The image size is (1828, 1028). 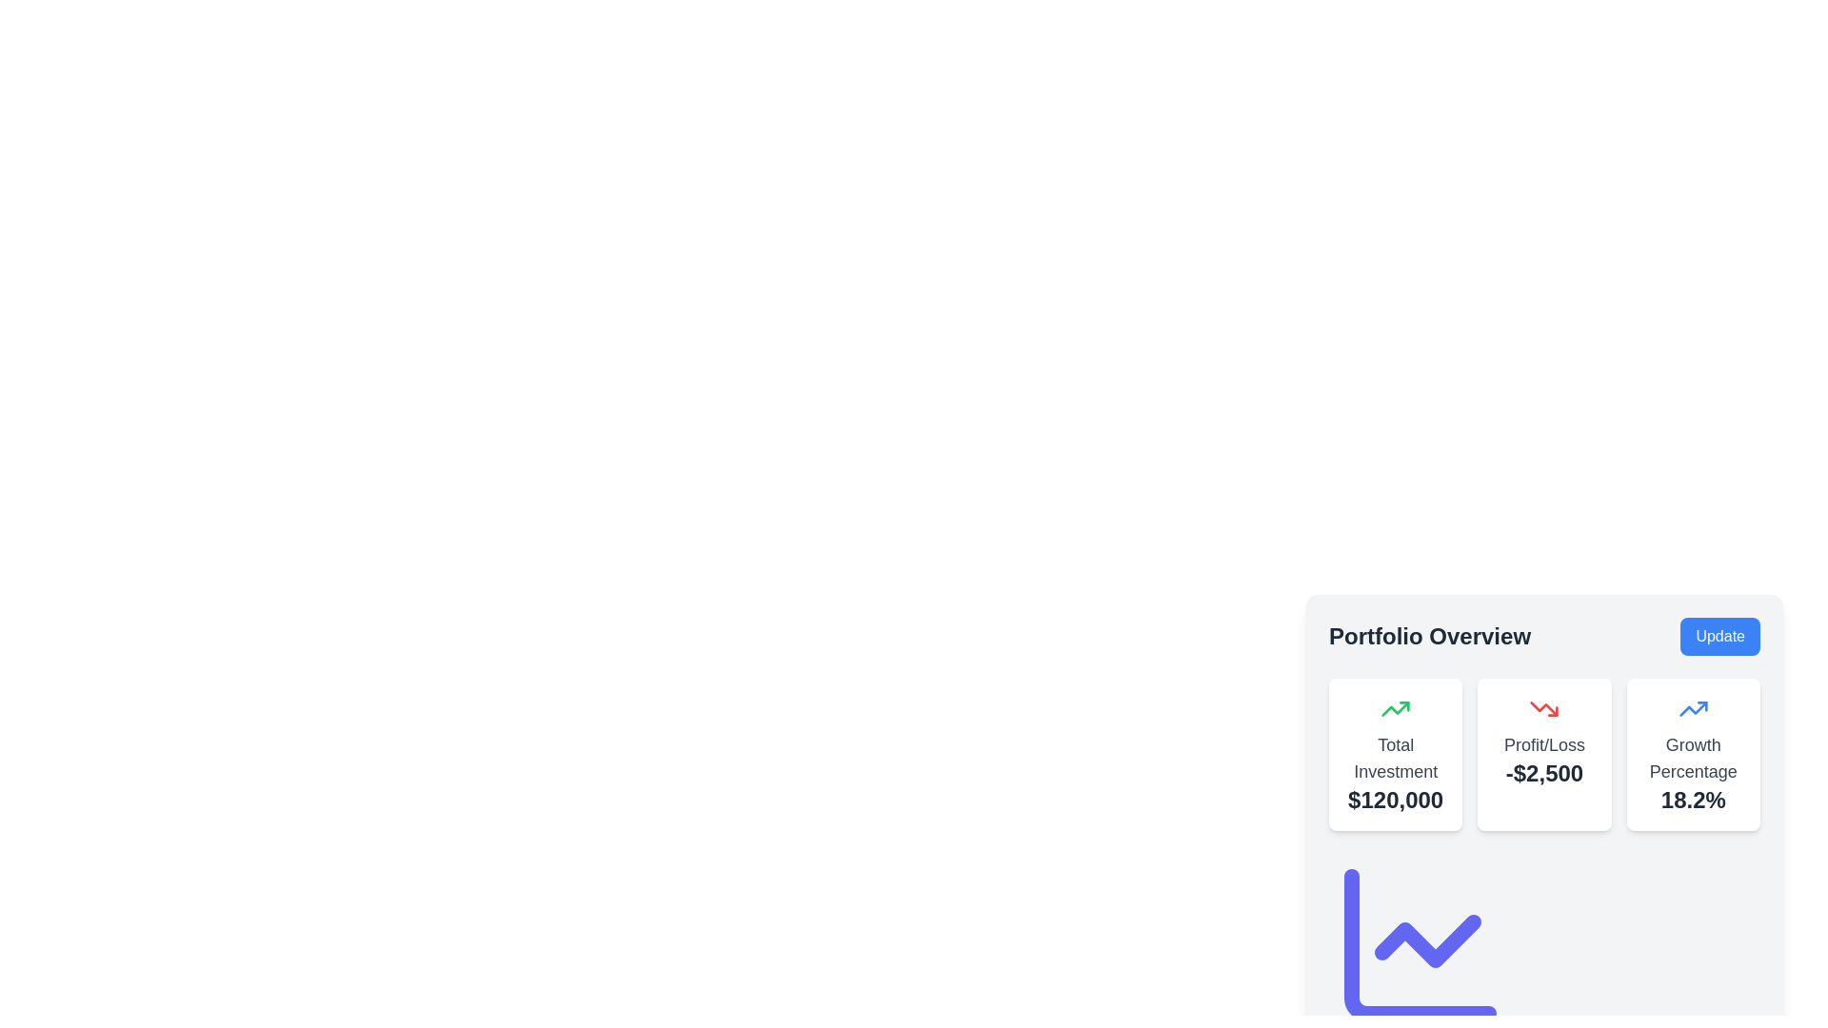 I want to click on the negative performance icon representing loss in the 'Profit/Loss' metric, located in the center tile above the text '-$2,500', so click(x=1544, y=708).